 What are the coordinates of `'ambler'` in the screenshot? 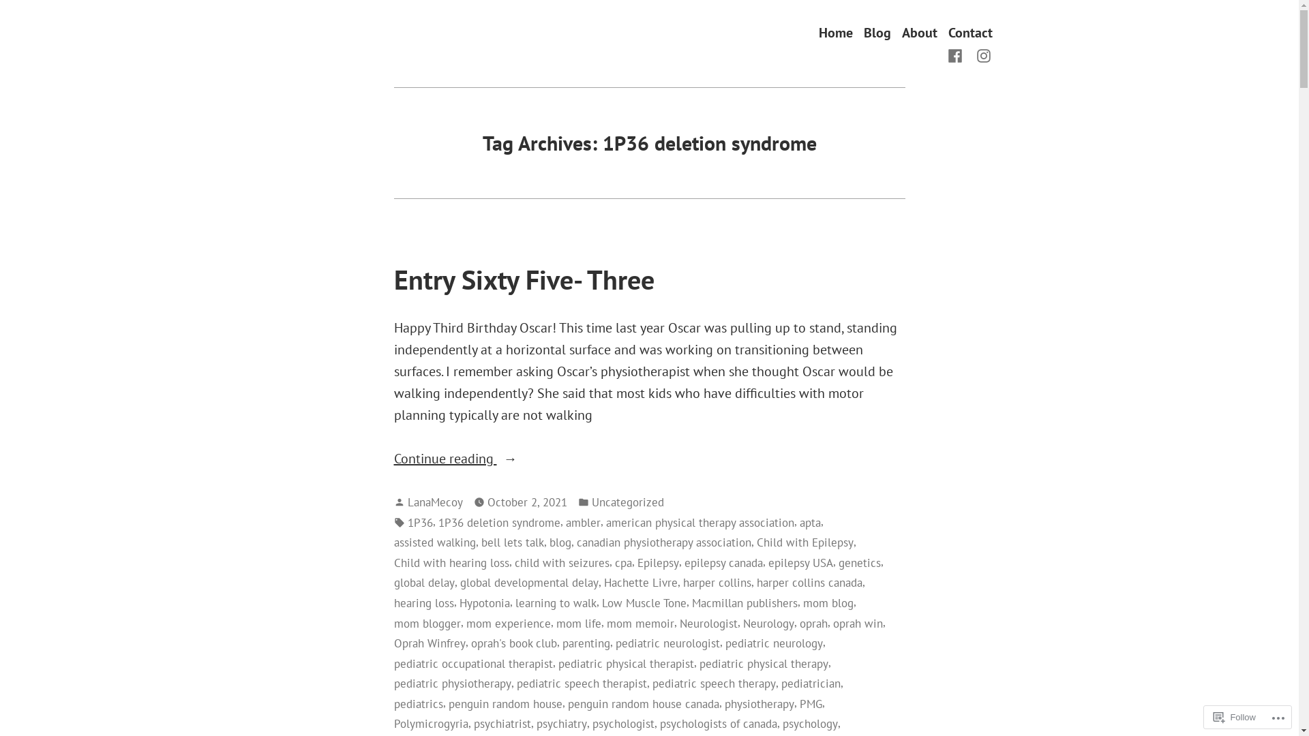 It's located at (583, 522).